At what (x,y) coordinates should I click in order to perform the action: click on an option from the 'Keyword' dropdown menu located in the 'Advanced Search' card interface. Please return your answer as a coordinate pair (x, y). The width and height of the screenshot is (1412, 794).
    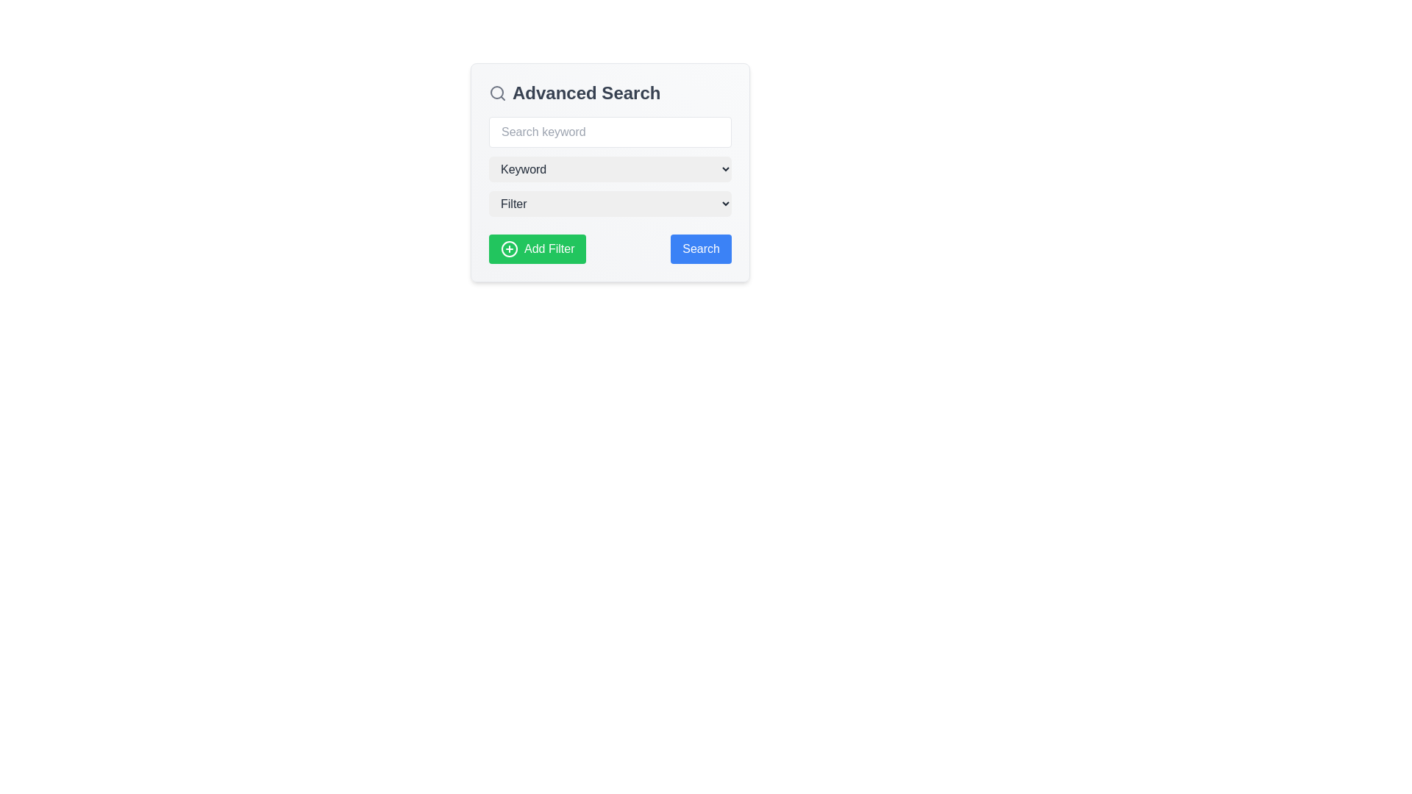
    Looking at the image, I should click on (610, 172).